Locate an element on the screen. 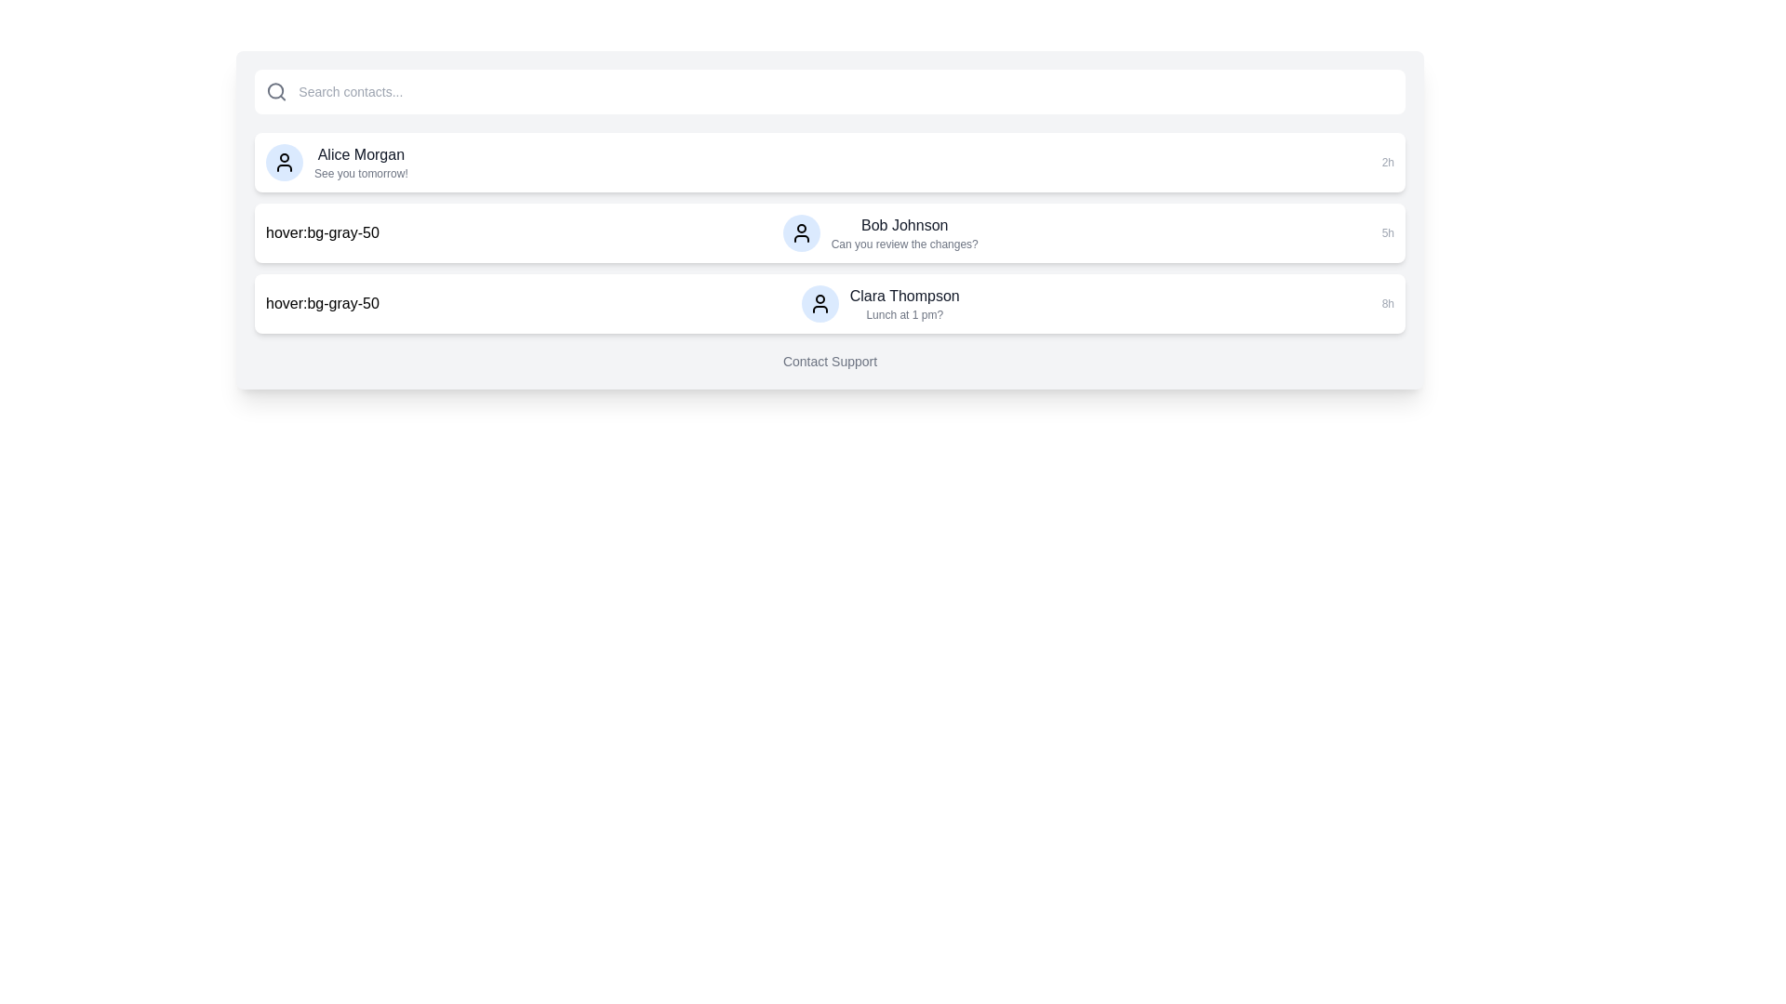 The height and width of the screenshot is (1004, 1786). the static text label displaying 'Lunch at 1 pm?' that is located below the name 'Clara Thompson' in the conversational message UI is located at coordinates (904, 314).